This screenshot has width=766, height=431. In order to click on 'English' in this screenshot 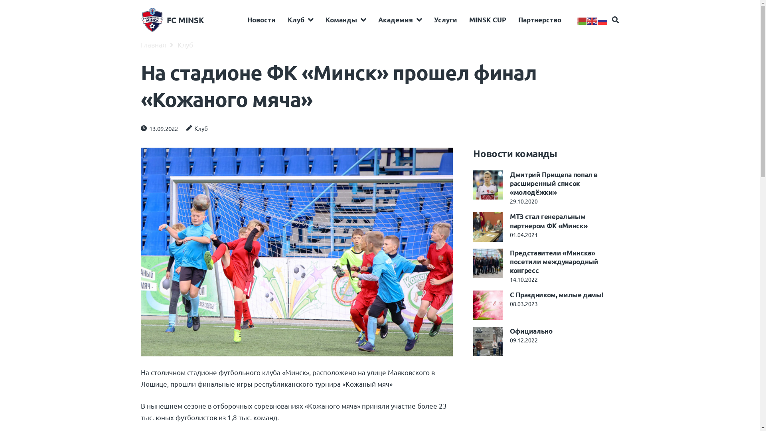, I will do `click(587, 19)`.